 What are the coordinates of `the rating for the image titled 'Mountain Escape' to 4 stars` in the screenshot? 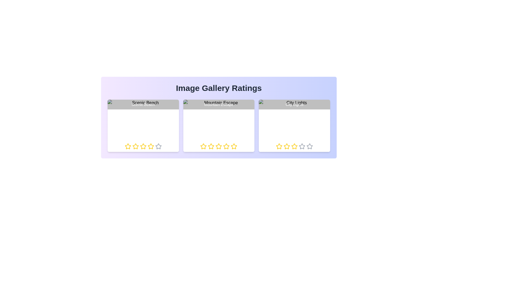 It's located at (223, 146).